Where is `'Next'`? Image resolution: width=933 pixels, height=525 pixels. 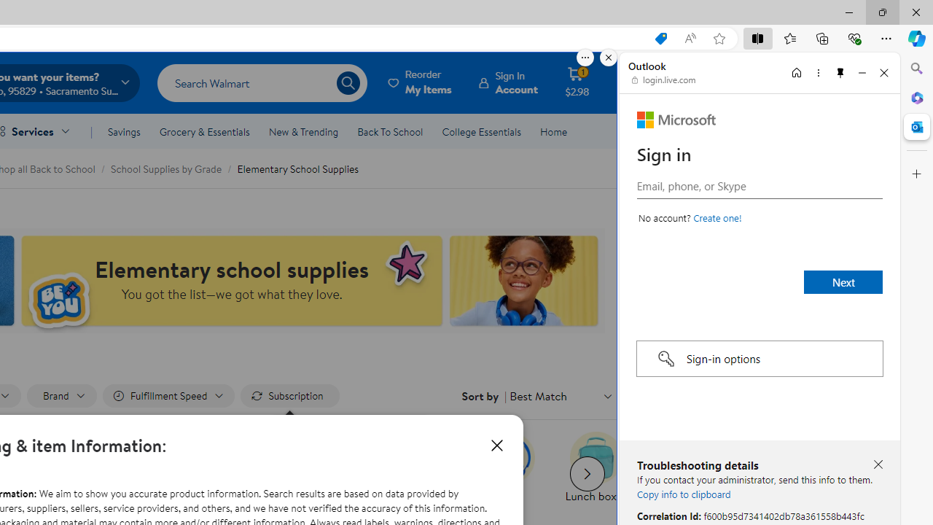 'Next' is located at coordinates (843, 282).